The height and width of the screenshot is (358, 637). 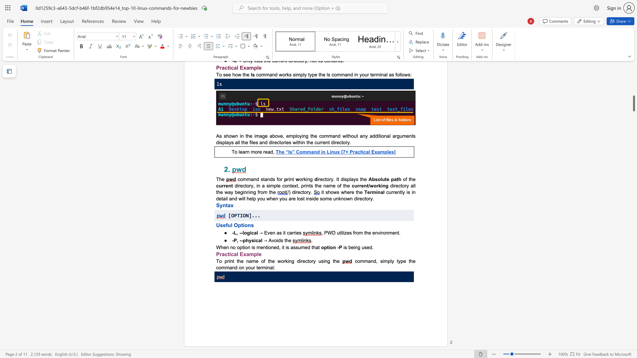 I want to click on the subset text "bei" within the text "is being used.", so click(x=348, y=247).